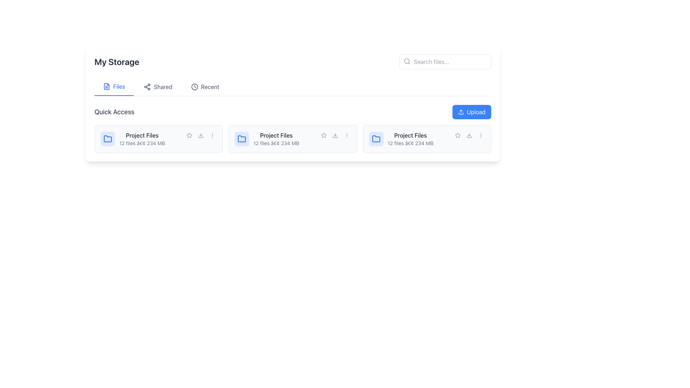  I want to click on the gray ellipsis button with three dots located at the lower-right corner of the file card, so click(481, 135).